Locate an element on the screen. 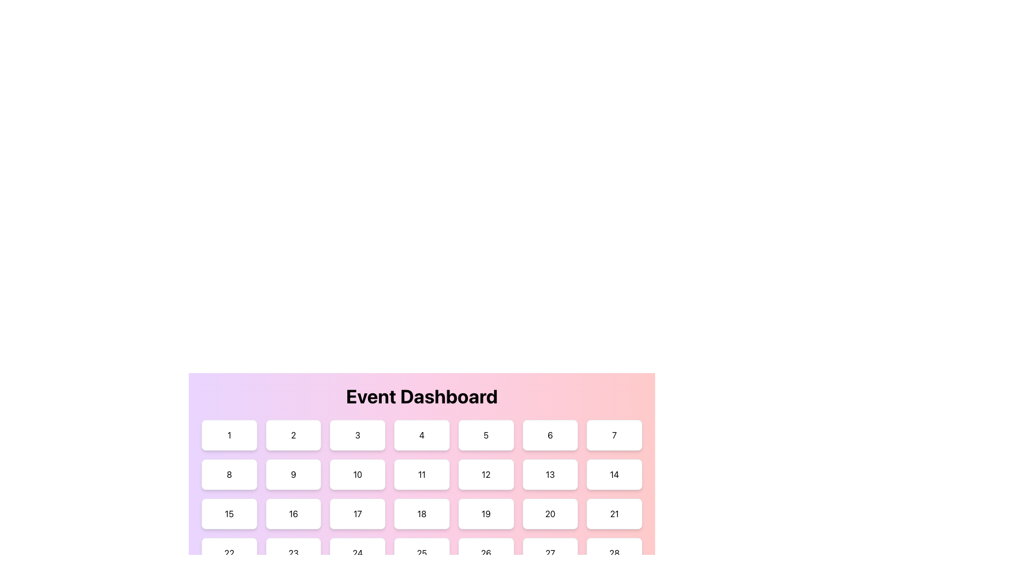 The image size is (1021, 574). the interactive grid cell located in the first row and seventh column under the 'Event Dashboard' heading is located at coordinates (614, 435).